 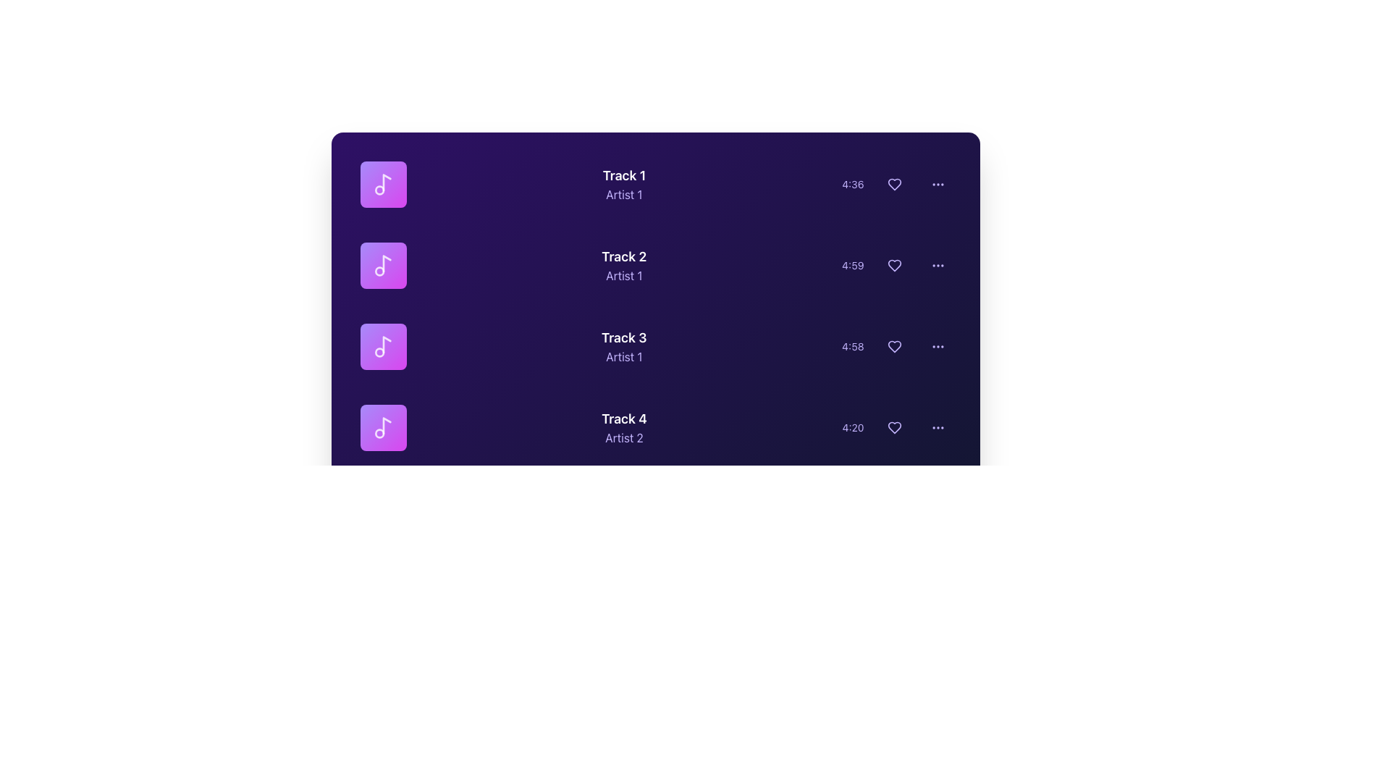 I want to click on the text label displaying the title of a music track located in the fourth row of the music track list, so click(x=624, y=419).